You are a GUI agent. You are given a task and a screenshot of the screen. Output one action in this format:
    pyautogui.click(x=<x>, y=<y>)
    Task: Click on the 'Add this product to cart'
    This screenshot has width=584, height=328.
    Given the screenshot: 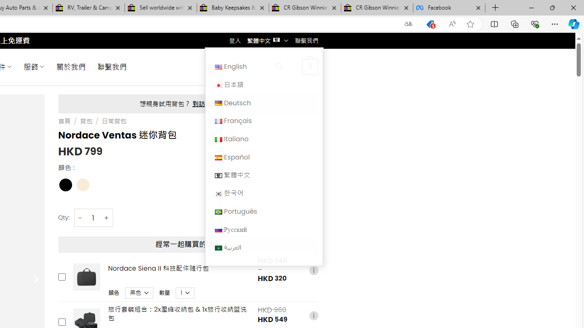 What is the action you would take?
    pyautogui.click(x=61, y=322)
    